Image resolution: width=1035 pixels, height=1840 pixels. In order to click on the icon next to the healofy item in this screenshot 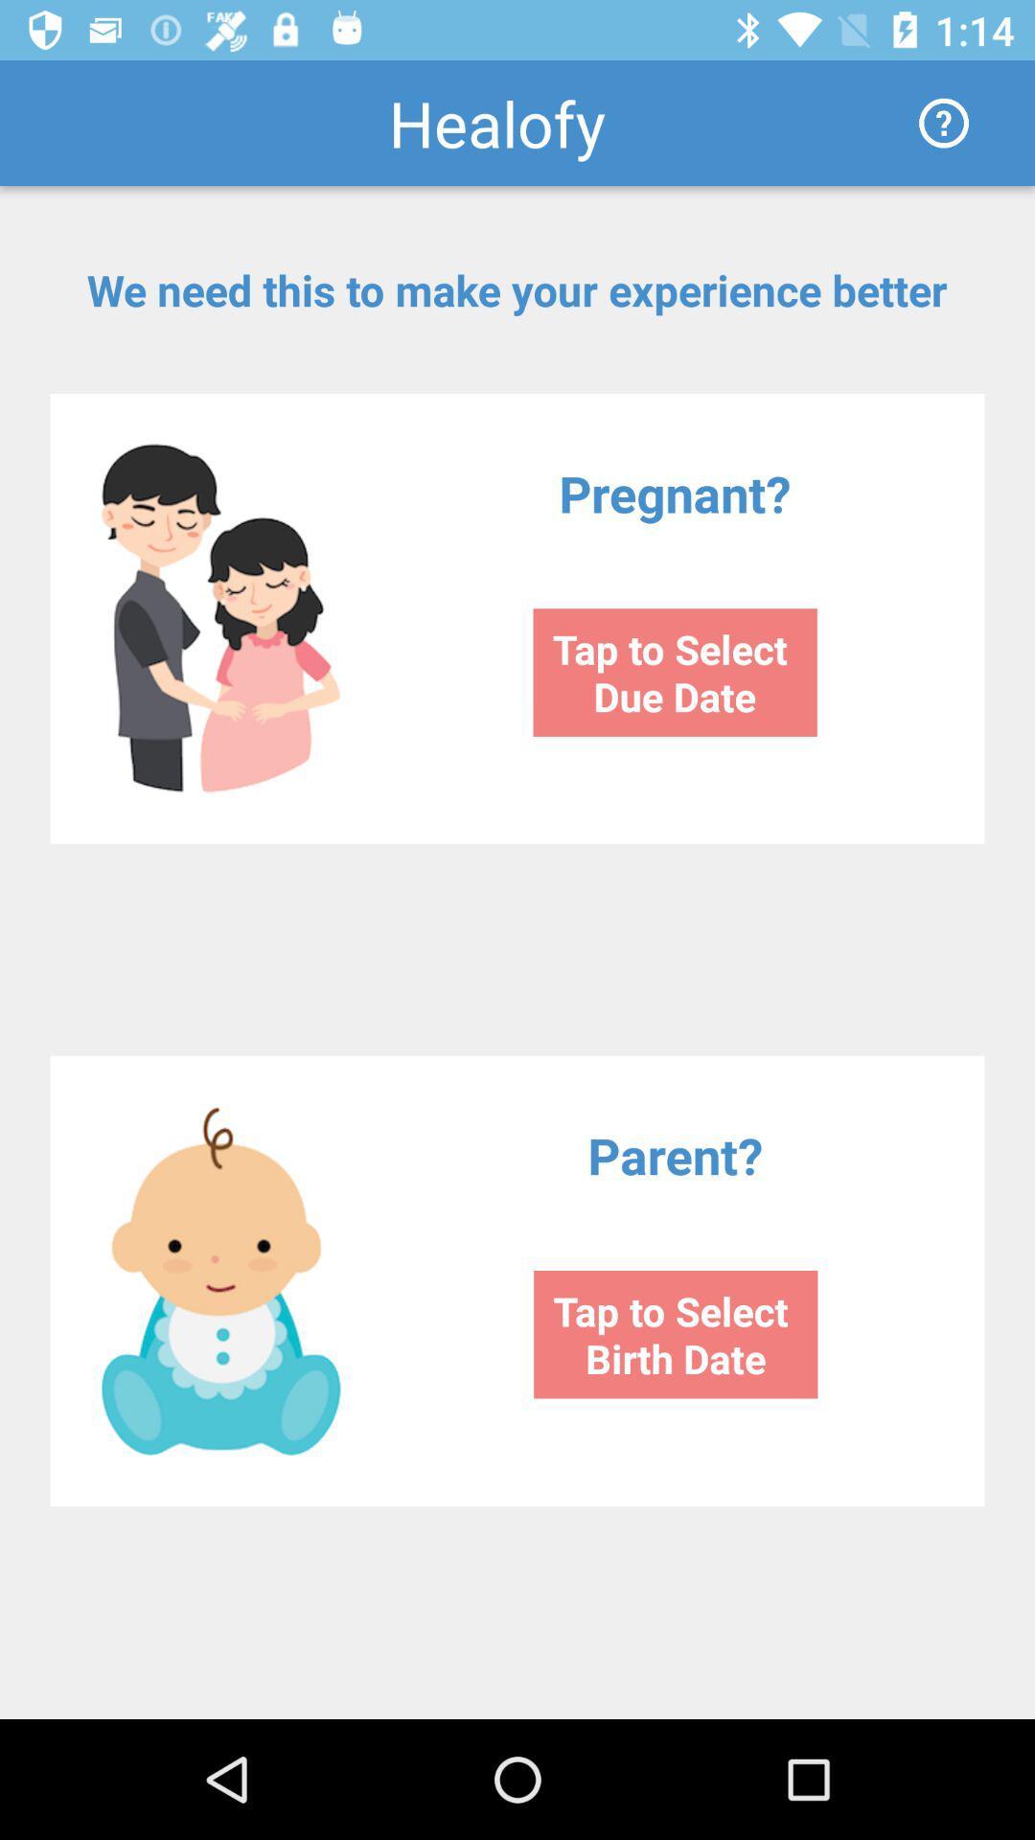, I will do `click(943, 122)`.